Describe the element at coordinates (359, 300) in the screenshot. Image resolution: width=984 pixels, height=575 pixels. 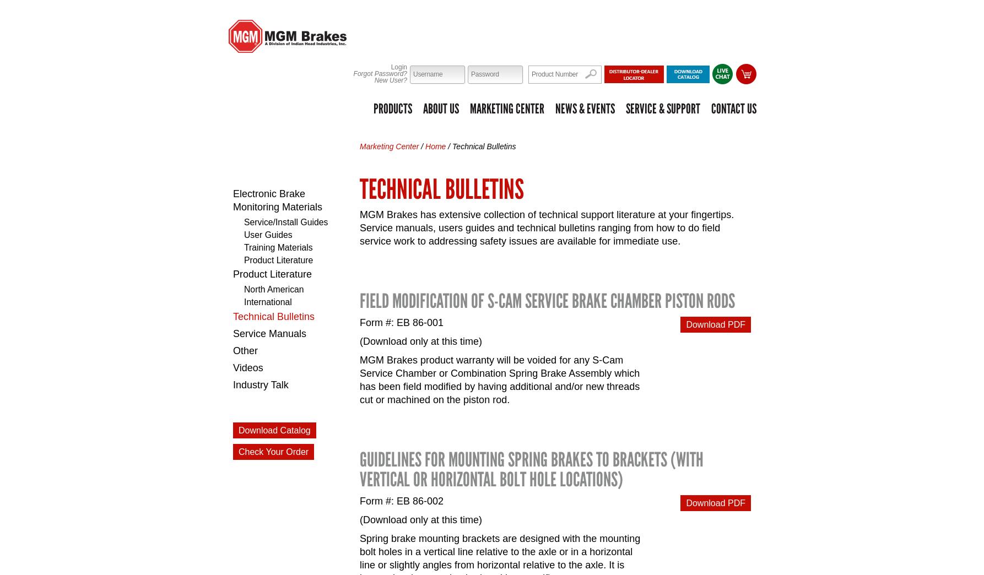
I see `'Field Modification of S-Cam Service Brake Chamber Piston Rods'` at that location.